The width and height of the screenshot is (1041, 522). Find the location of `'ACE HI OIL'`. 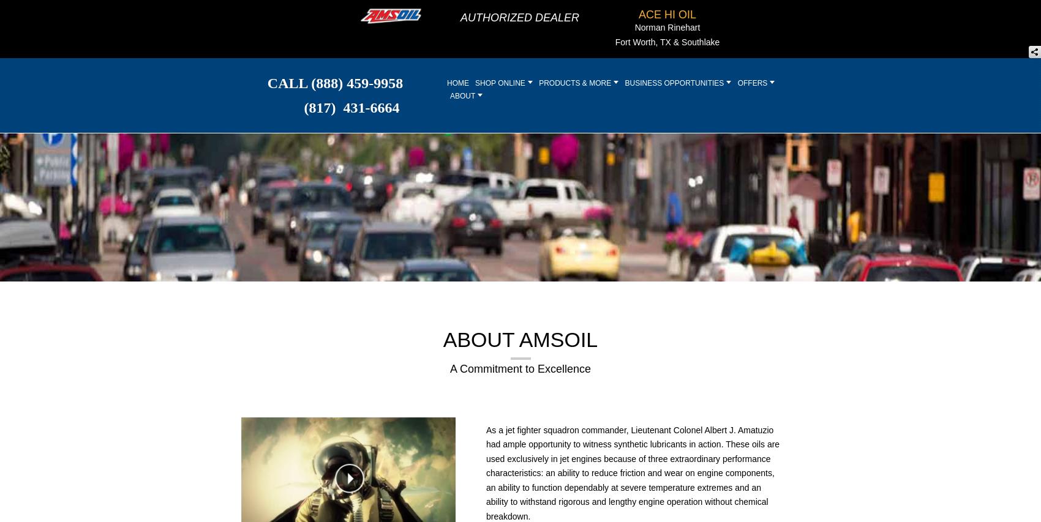

'ACE HI OIL' is located at coordinates (667, 13).